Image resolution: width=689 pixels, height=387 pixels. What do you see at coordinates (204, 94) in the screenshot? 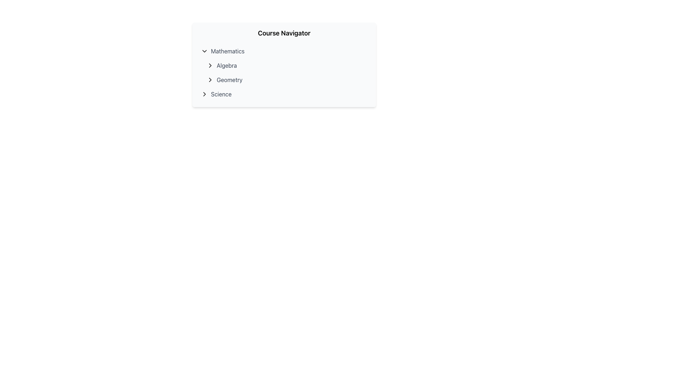
I see `the right-pointing chevron icon located to the left of the 'Science' text in the navigation menu` at bounding box center [204, 94].